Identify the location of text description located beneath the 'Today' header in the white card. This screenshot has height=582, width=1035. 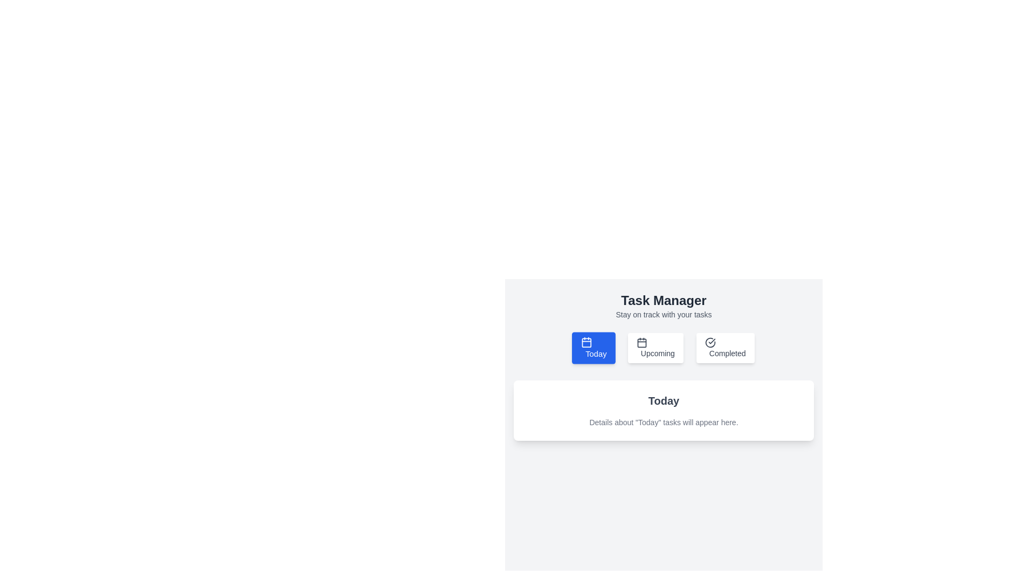
(663, 421).